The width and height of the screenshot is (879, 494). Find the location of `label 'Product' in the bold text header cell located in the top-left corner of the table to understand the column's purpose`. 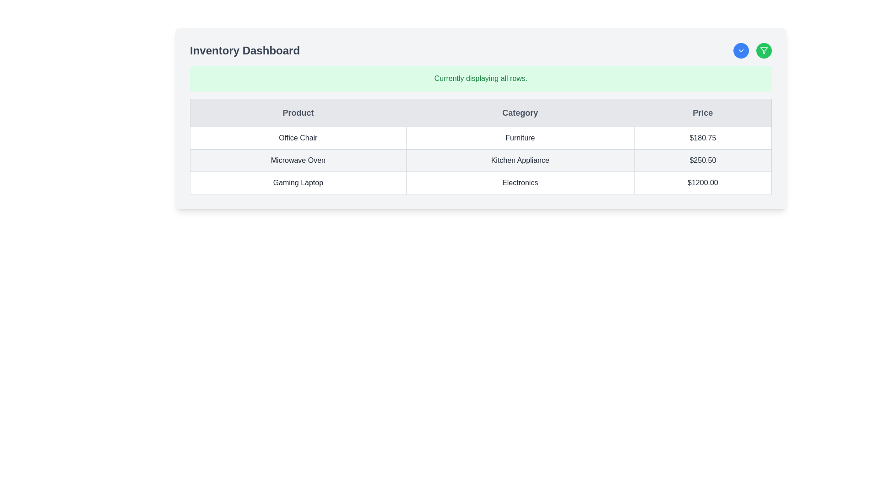

label 'Product' in the bold text header cell located in the top-left corner of the table to understand the column's purpose is located at coordinates (298, 112).